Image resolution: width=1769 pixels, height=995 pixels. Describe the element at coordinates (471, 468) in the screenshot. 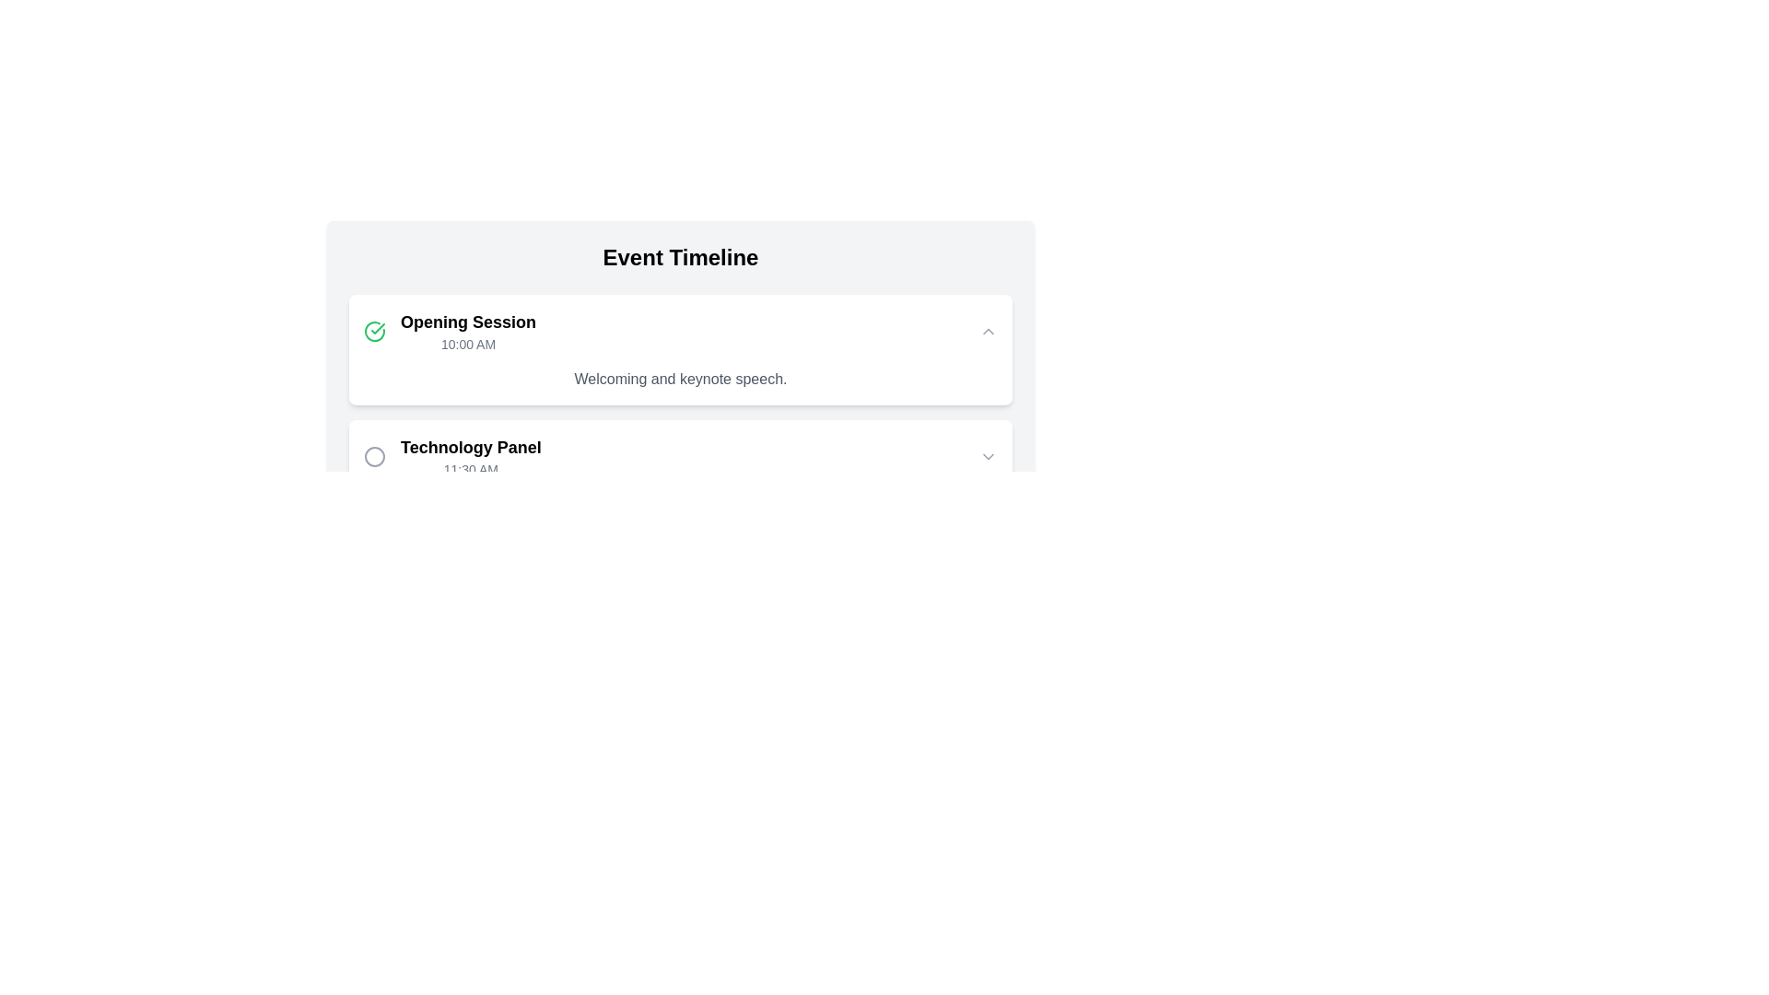

I see `the time label indicating the scheduled time for the 'Technology Panel' event, which is located below the 'Technology Panel' heading` at that location.